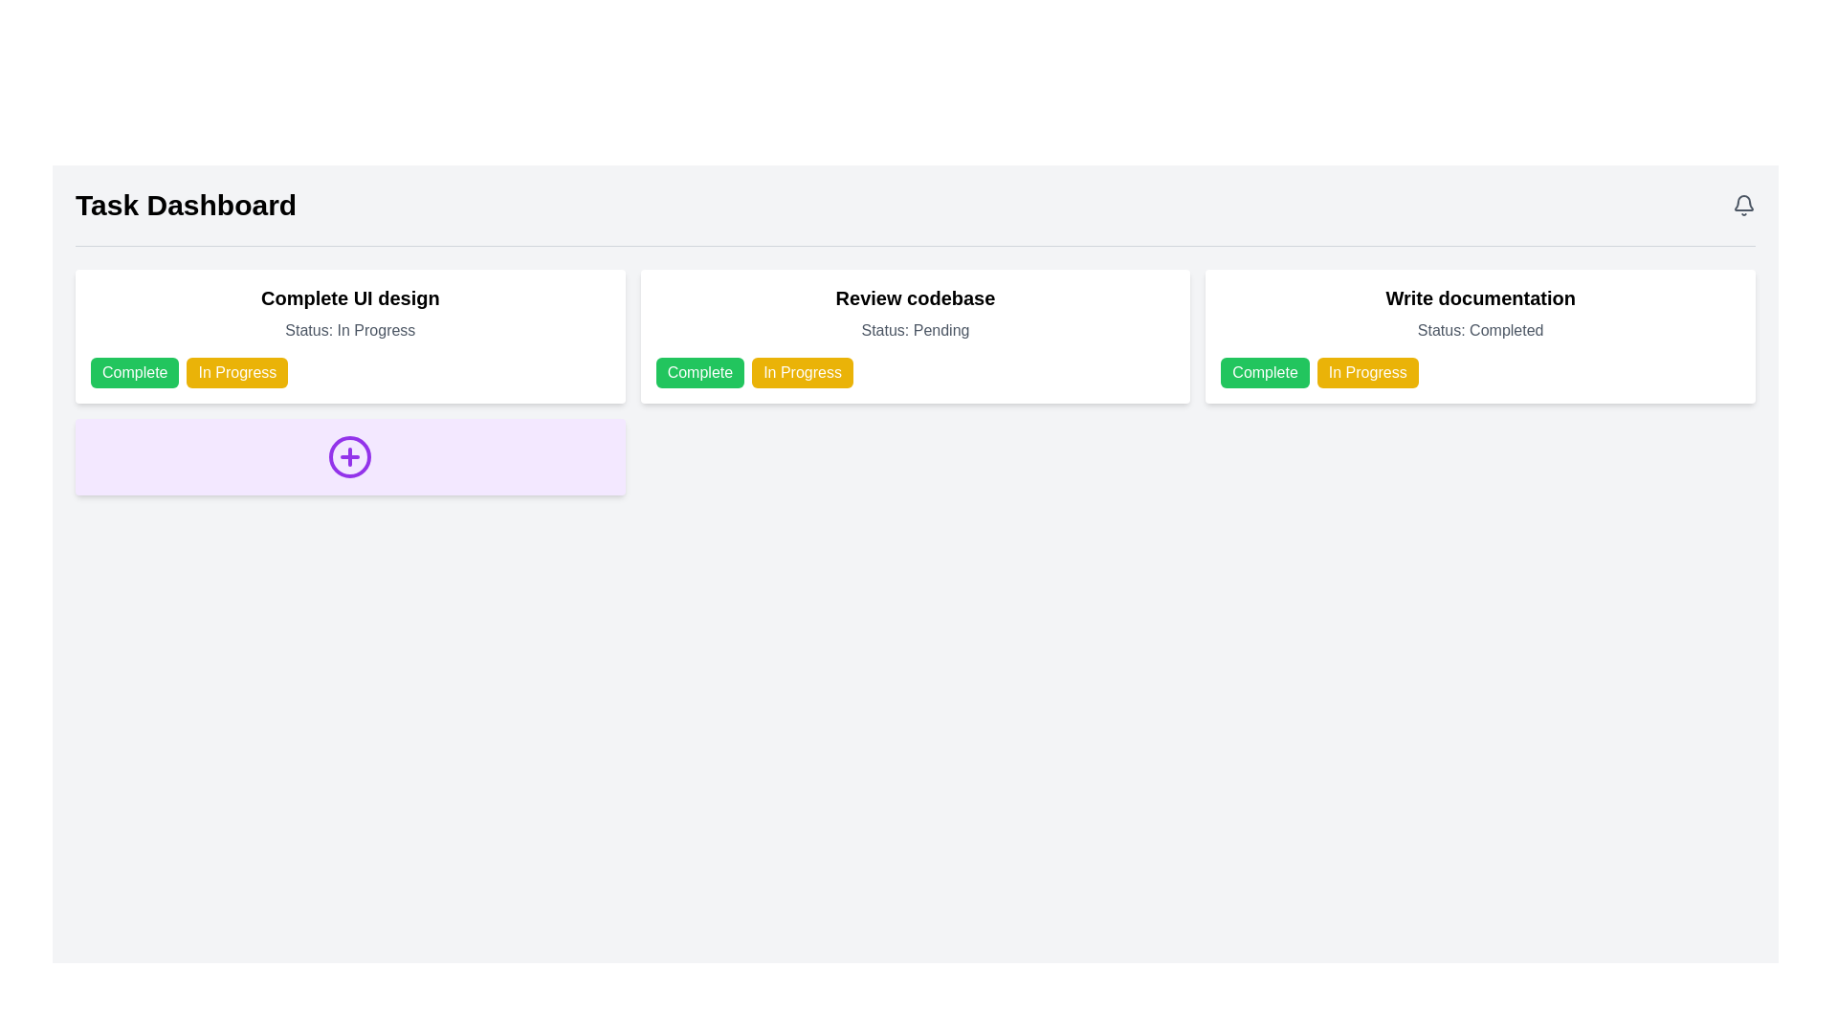 The height and width of the screenshot is (1033, 1837). Describe the element at coordinates (186, 206) in the screenshot. I see `the 'Task Dashboard' Text Label located at the top-left section of the interface to trigger style changes` at that location.